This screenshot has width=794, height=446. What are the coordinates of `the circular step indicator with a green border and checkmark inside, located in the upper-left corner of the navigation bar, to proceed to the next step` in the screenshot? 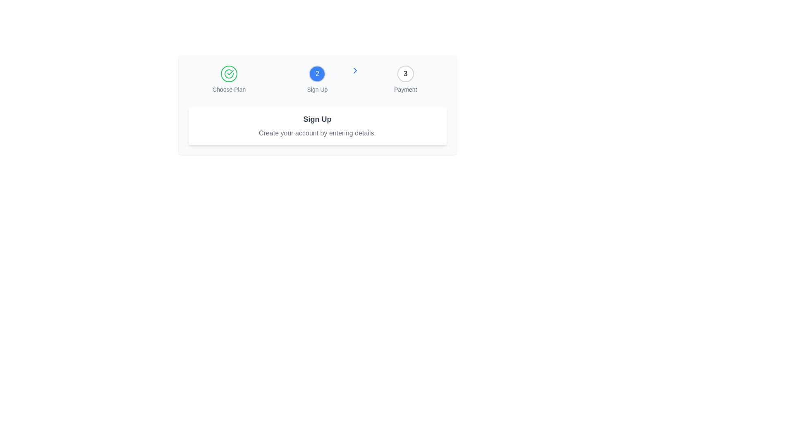 It's located at (229, 73).